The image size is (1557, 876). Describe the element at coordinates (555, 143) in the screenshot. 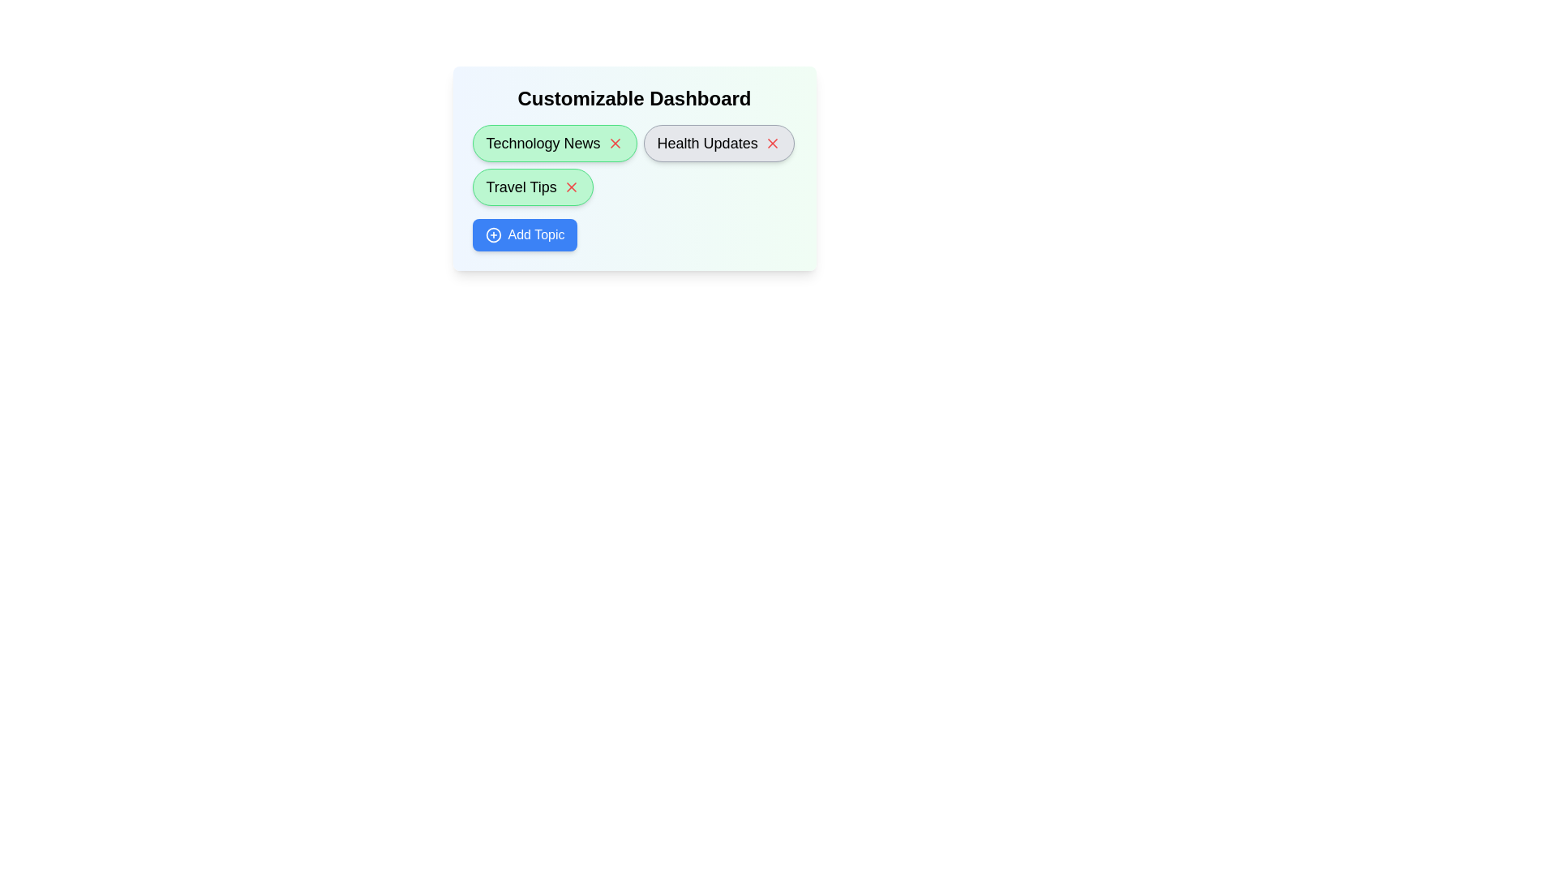

I see `the topic named Technology News` at that location.